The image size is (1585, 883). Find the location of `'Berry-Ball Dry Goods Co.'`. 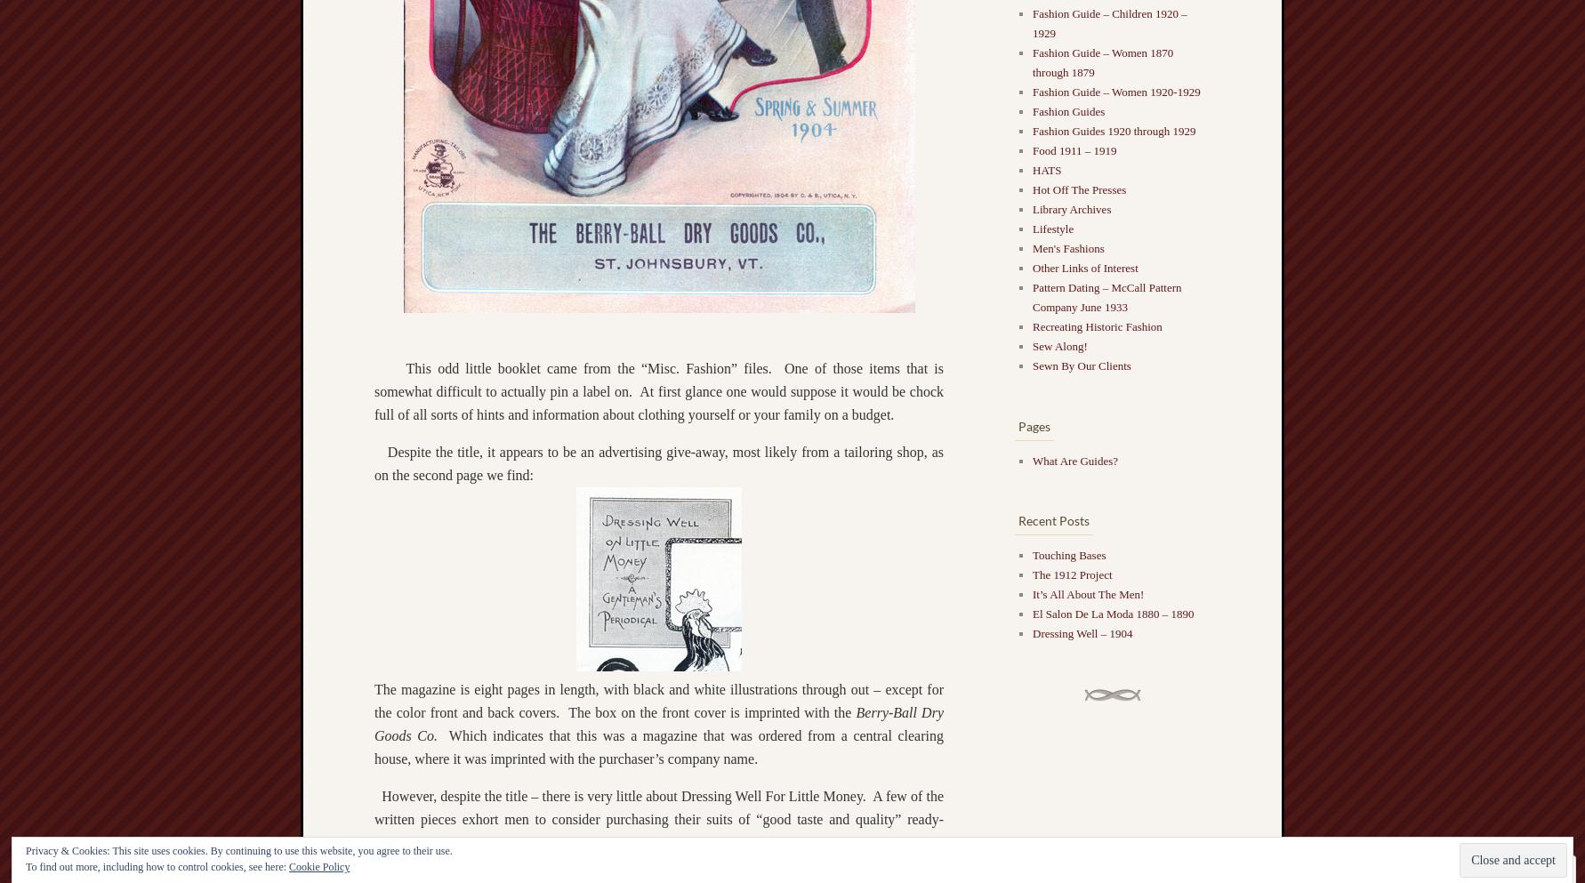

'Berry-Ball Dry Goods Co.' is located at coordinates (658, 723).